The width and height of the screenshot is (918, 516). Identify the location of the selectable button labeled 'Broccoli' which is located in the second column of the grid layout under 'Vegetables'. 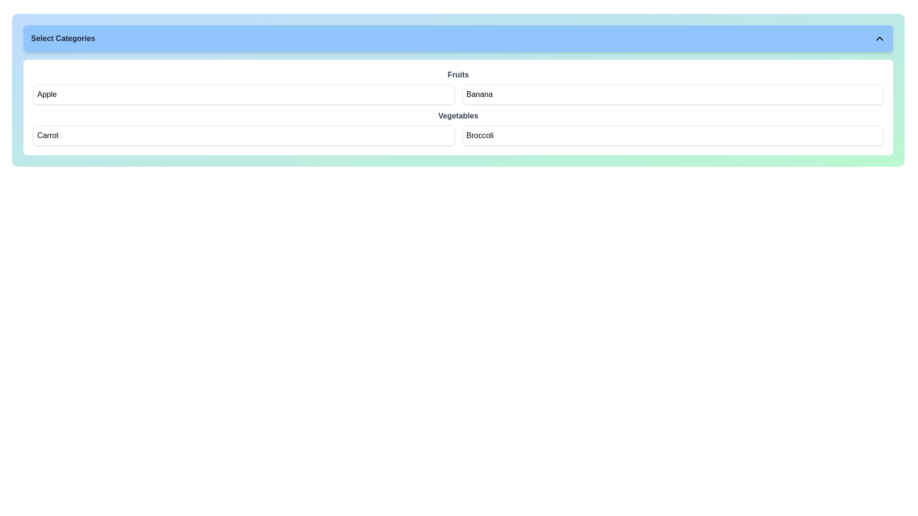
(672, 136).